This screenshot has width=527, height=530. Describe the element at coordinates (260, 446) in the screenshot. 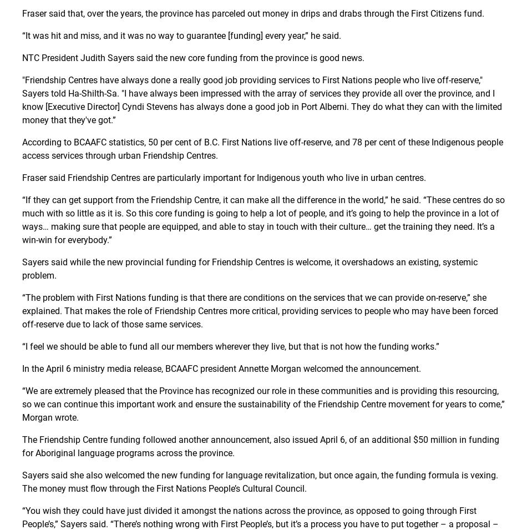

I see `'The Friendship Centre funding followed another announcement, also issued April 6, of an additional $50 million in funding for Aboriginal language programs across the province.'` at that location.